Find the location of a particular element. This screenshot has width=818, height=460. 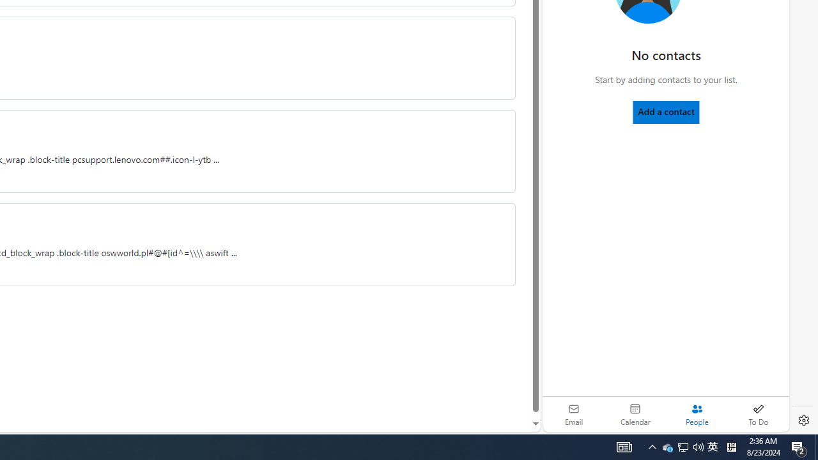

'Email' is located at coordinates (573, 414).